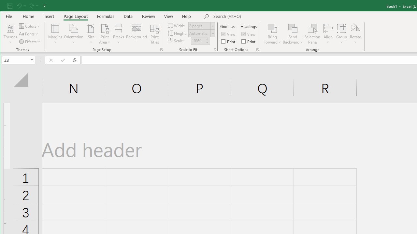 This screenshot has width=417, height=234. What do you see at coordinates (199, 33) in the screenshot?
I see `'Height'` at bounding box center [199, 33].